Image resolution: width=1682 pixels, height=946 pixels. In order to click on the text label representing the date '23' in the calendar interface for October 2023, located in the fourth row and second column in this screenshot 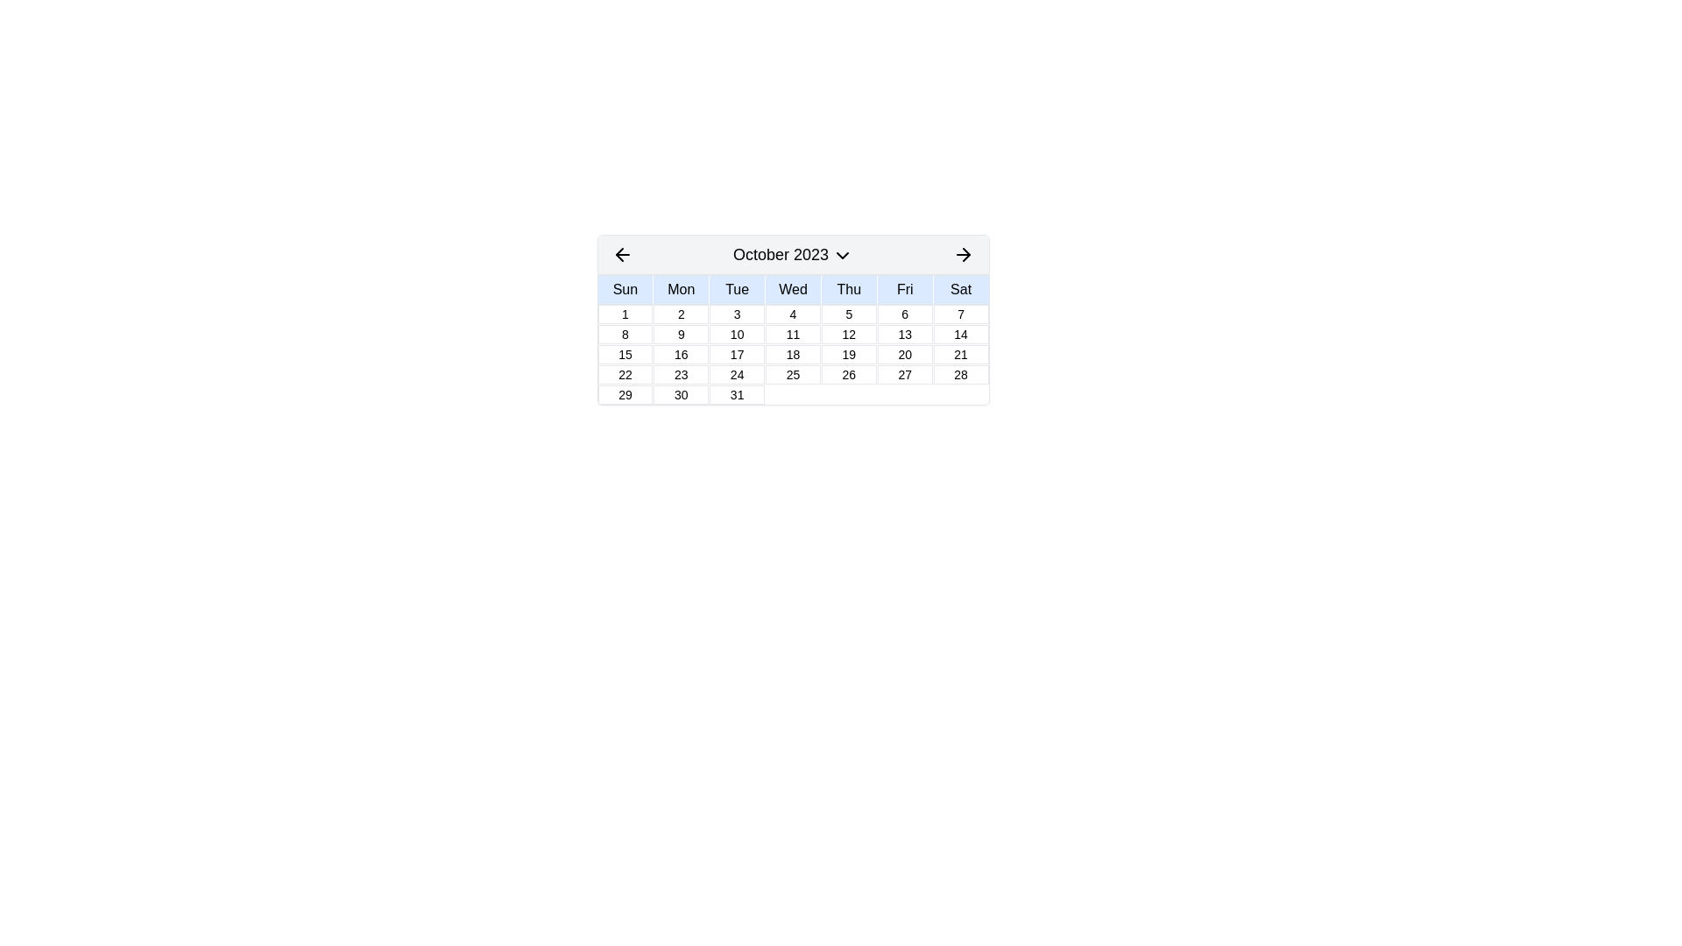, I will do `click(680, 374)`.